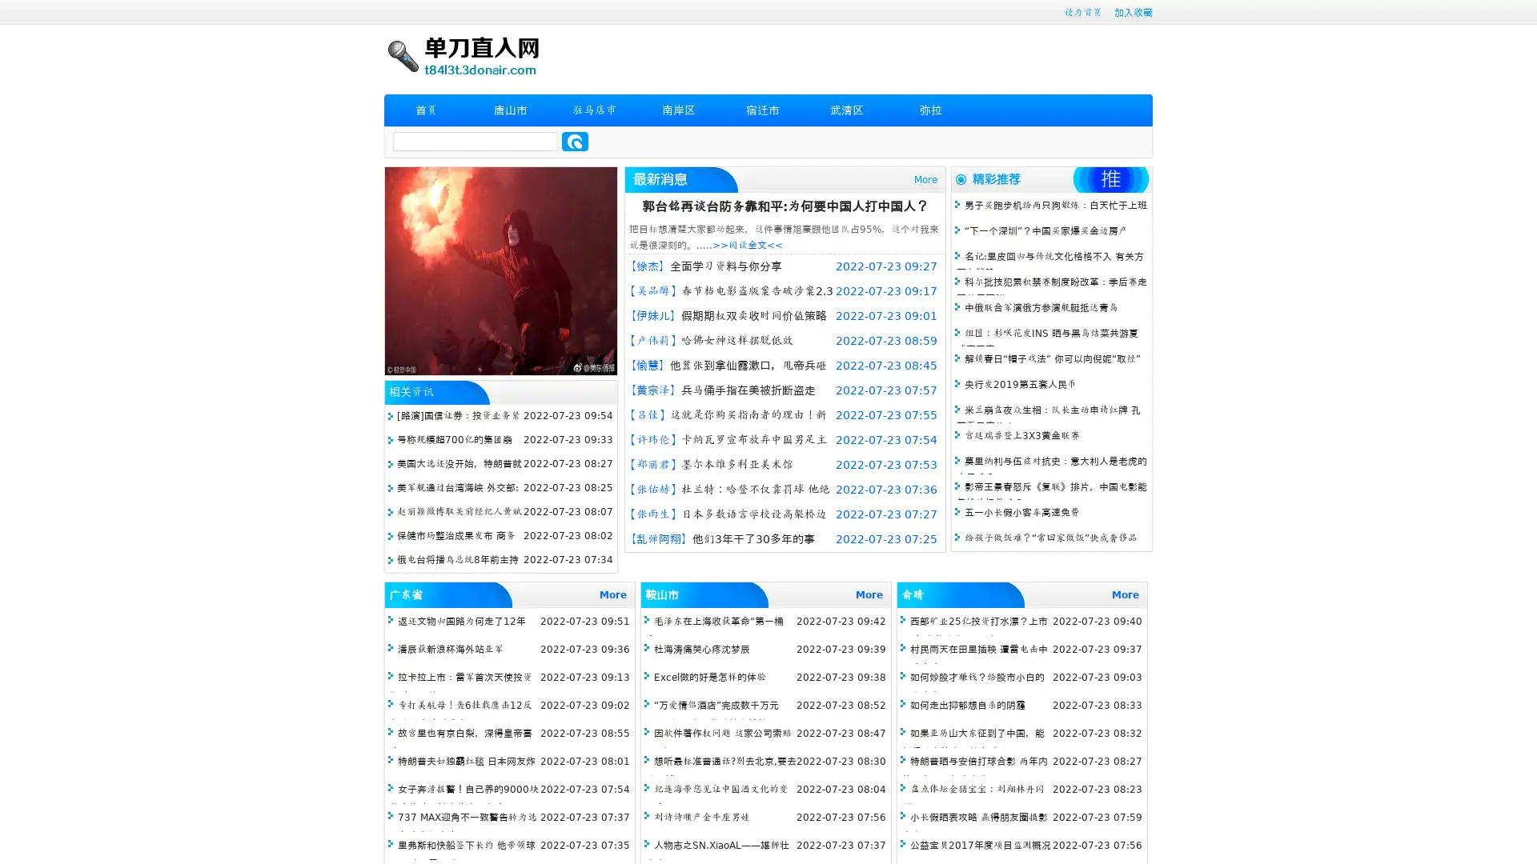  What do you see at coordinates (575, 141) in the screenshot?
I see `Search` at bounding box center [575, 141].